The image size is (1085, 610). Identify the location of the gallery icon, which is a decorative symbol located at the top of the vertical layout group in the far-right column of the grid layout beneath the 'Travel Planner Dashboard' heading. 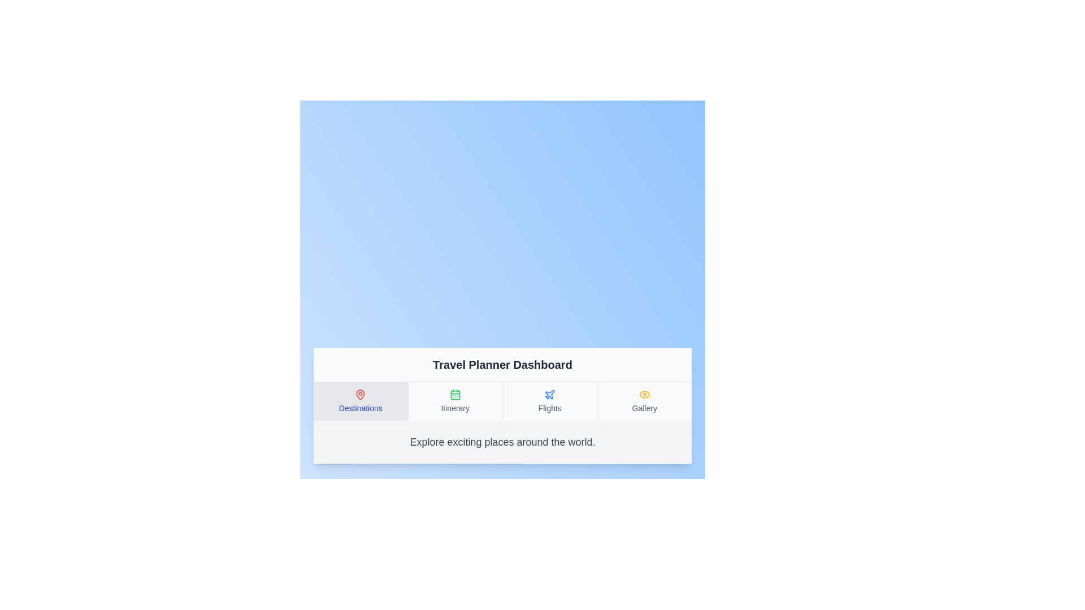
(644, 394).